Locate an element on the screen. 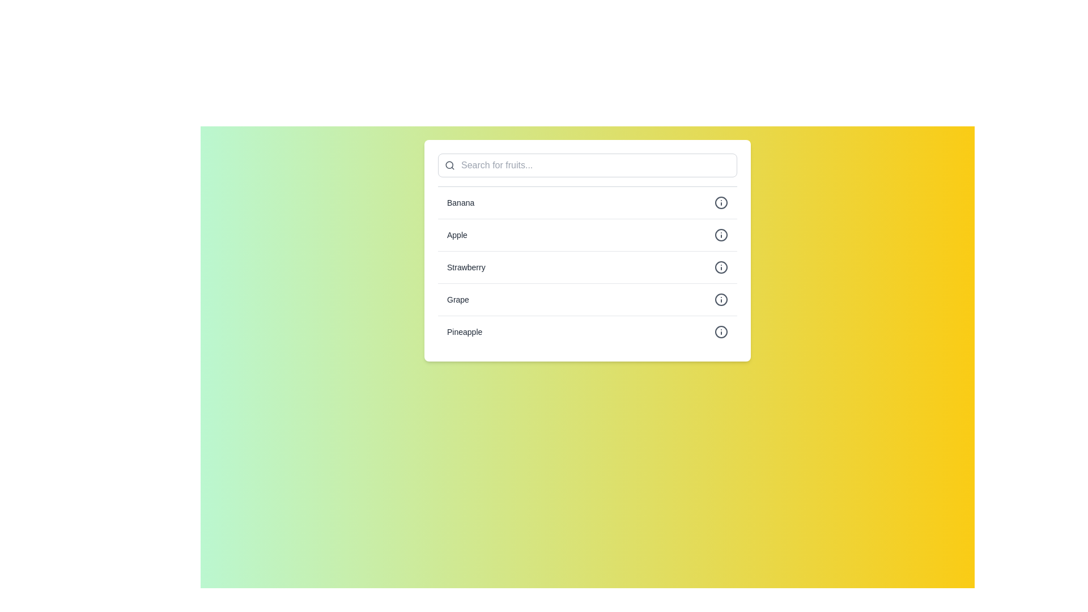  the circle SVG shape component that visually represents part of an SVG icon in the last row of the list, aligned with the label 'Pineapple' is located at coordinates (720, 331).